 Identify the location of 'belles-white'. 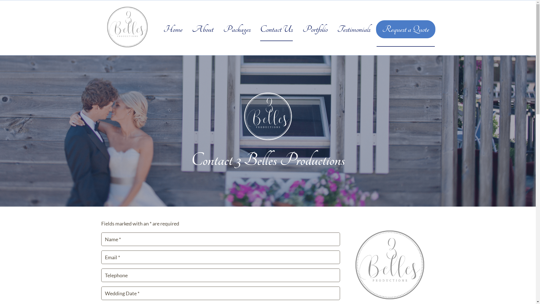
(268, 116).